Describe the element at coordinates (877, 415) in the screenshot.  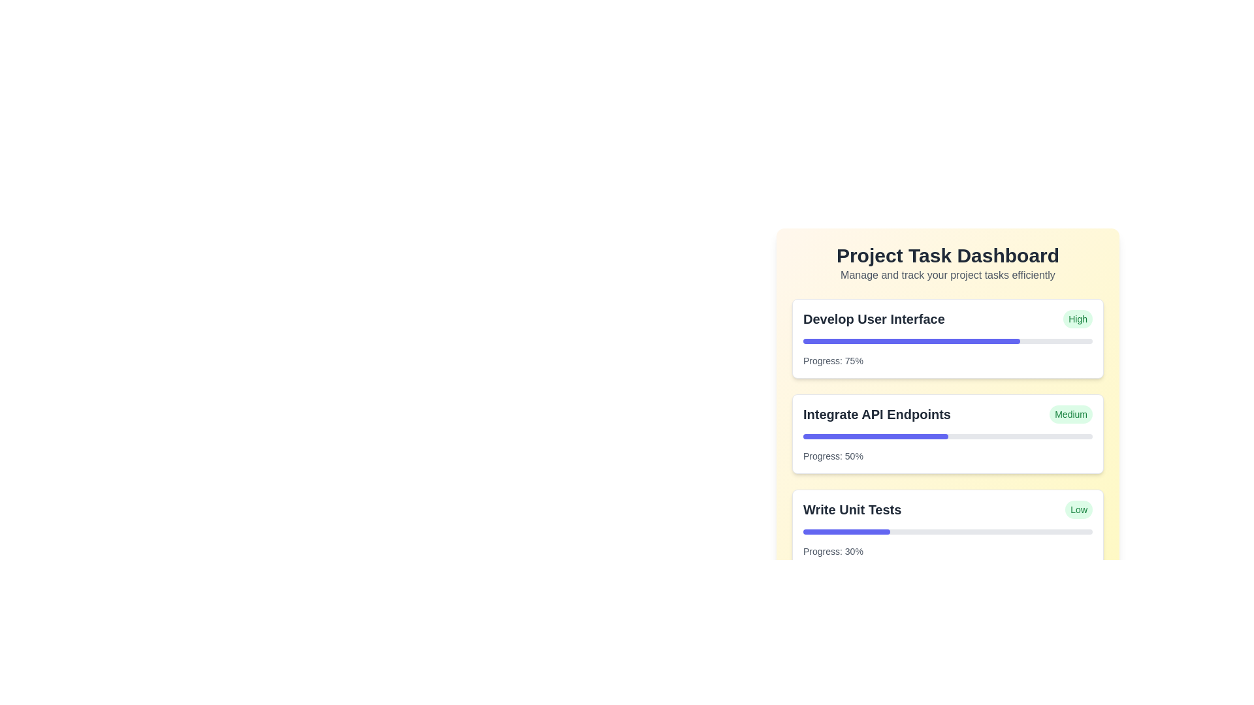
I see `the text from the title of the second task card in the project management dashboard, which is located on the top-left side adjacent` at that location.